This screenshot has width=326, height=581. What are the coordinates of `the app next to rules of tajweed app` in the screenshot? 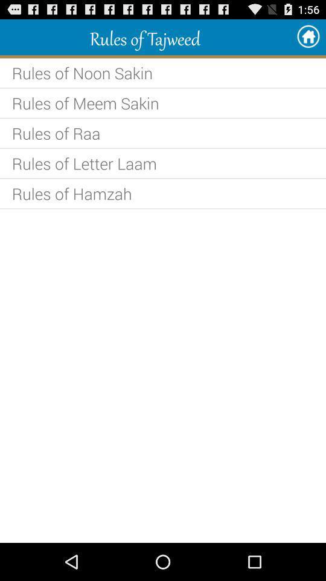 It's located at (308, 37).